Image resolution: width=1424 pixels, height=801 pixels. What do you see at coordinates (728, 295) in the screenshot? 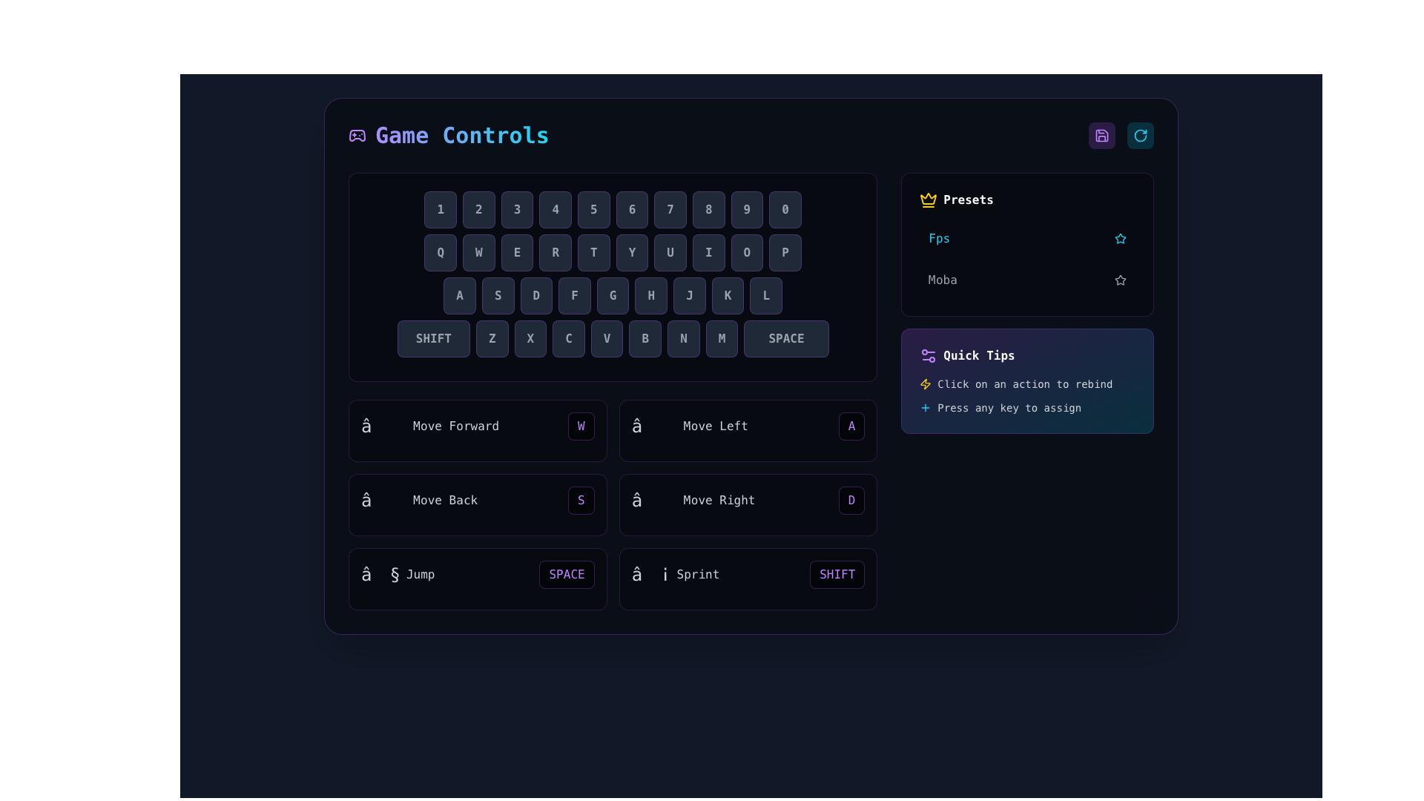
I see `the button labeled 'K' which has a dark background and light gray text, located` at bounding box center [728, 295].